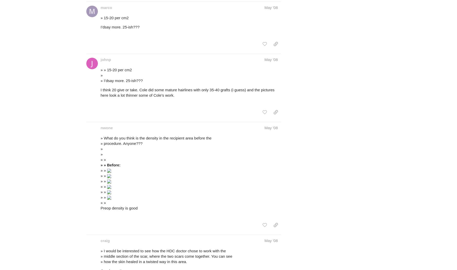  Describe the element at coordinates (114, 17) in the screenshot. I see `'» 15-20 per cm2'` at that location.